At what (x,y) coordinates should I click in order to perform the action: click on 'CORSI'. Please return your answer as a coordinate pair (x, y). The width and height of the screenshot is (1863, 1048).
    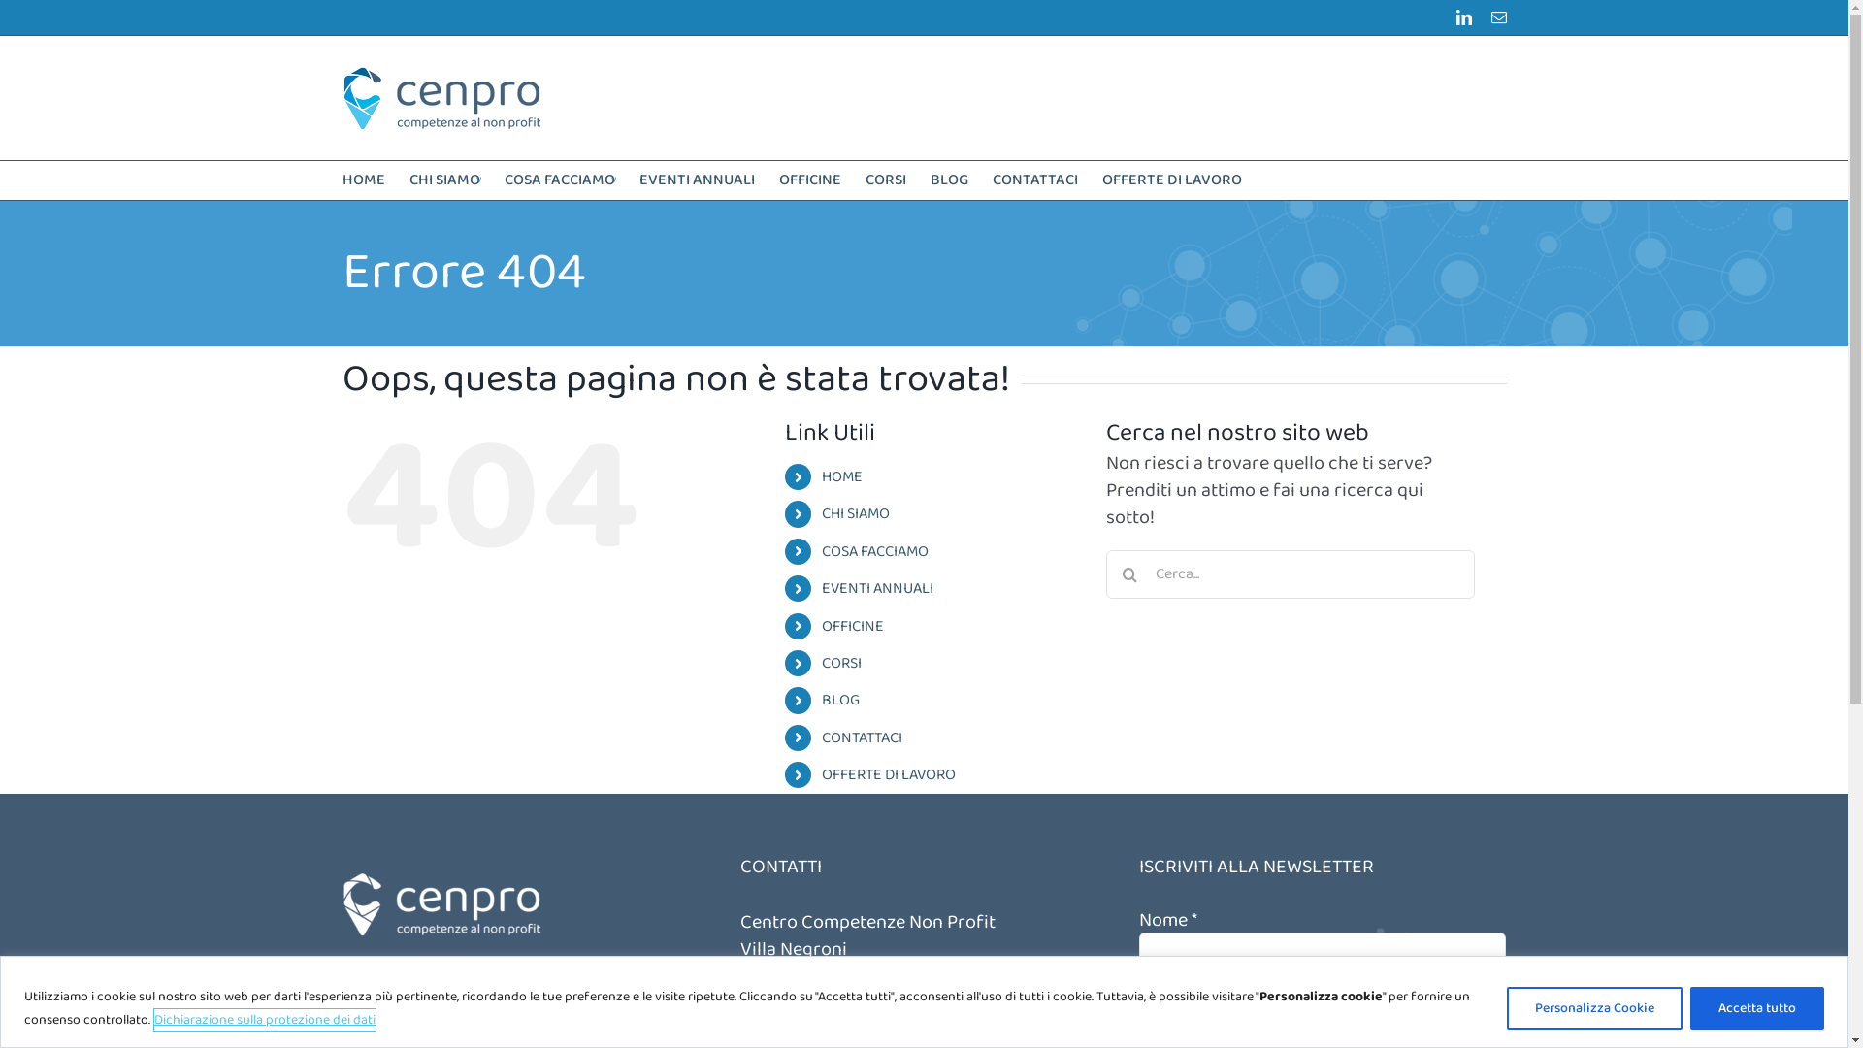
    Looking at the image, I should click on (884, 180).